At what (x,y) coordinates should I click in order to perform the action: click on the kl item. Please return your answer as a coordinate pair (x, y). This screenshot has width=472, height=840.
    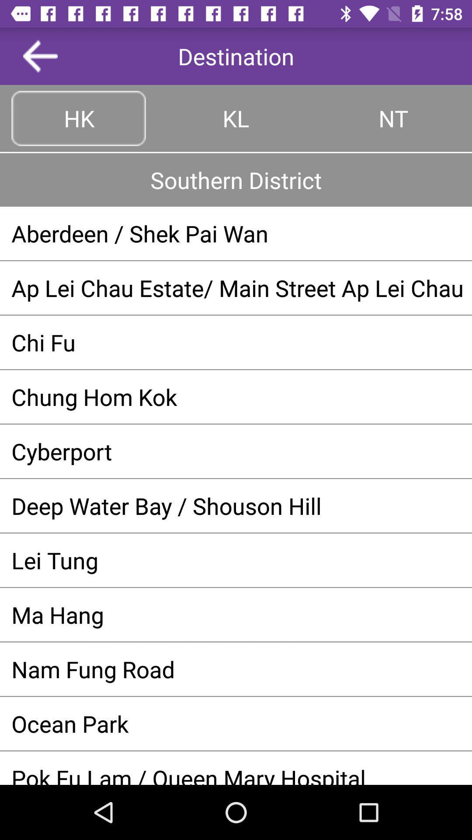
    Looking at the image, I should click on (236, 118).